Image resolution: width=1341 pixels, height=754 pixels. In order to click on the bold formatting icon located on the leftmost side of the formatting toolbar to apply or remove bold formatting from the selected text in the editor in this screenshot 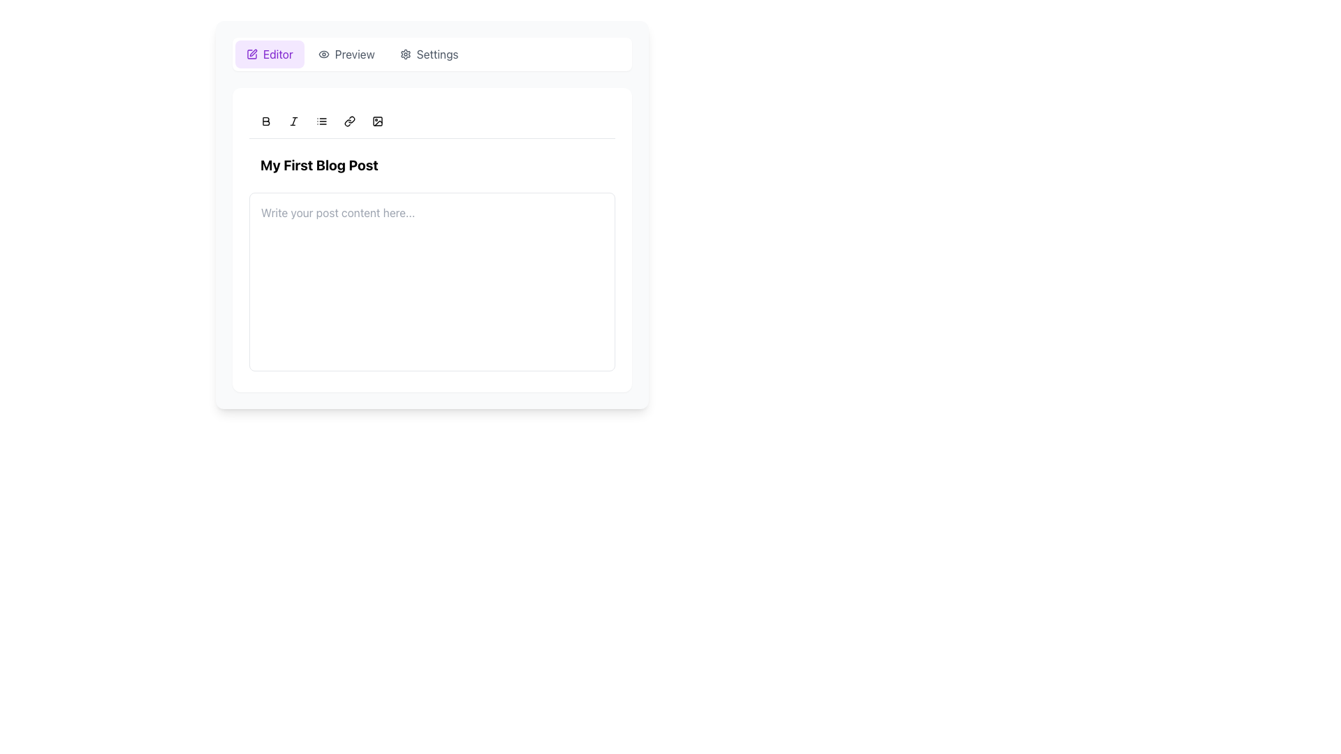, I will do `click(265, 120)`.